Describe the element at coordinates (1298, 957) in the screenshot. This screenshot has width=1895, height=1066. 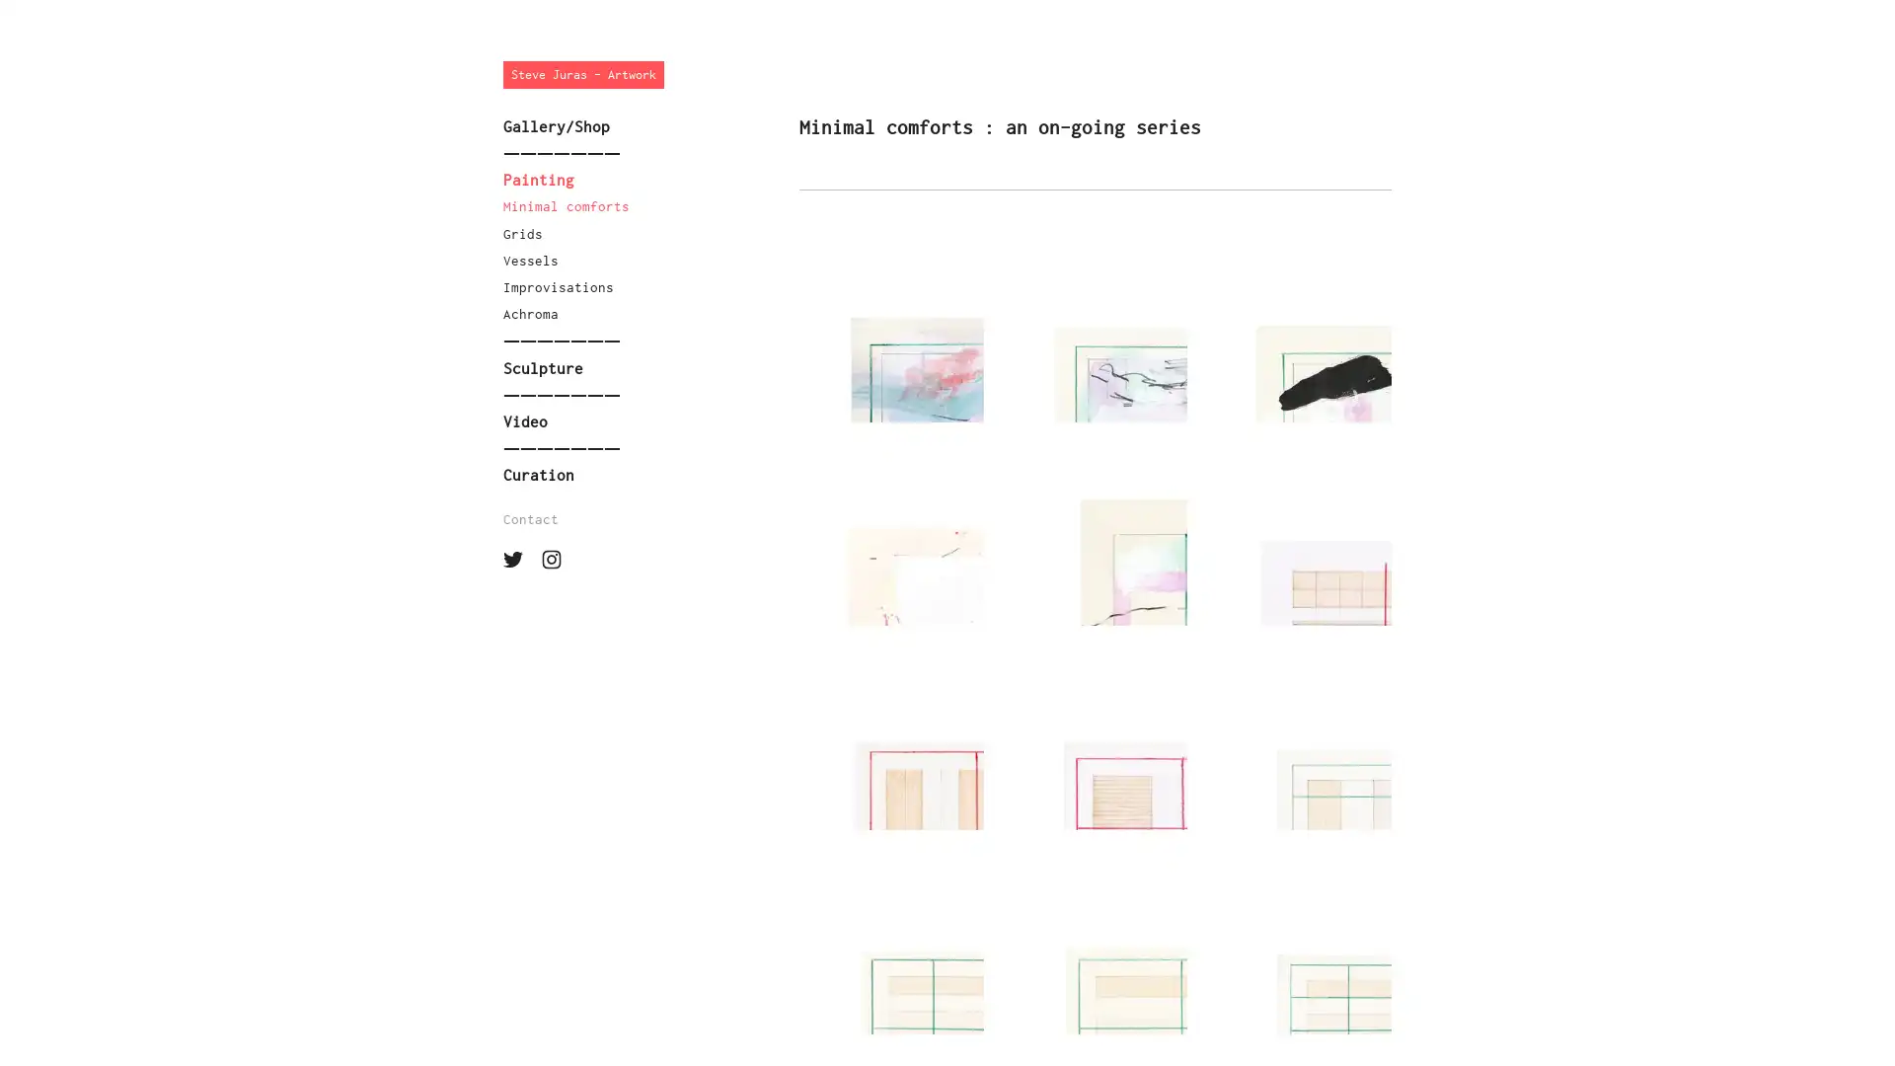
I see `View fullsize Pecking order` at that location.